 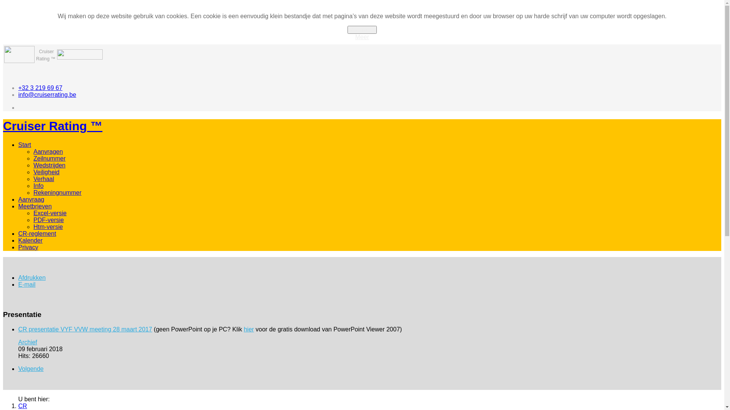 What do you see at coordinates (361, 37) in the screenshot?
I see `'Meer'` at bounding box center [361, 37].